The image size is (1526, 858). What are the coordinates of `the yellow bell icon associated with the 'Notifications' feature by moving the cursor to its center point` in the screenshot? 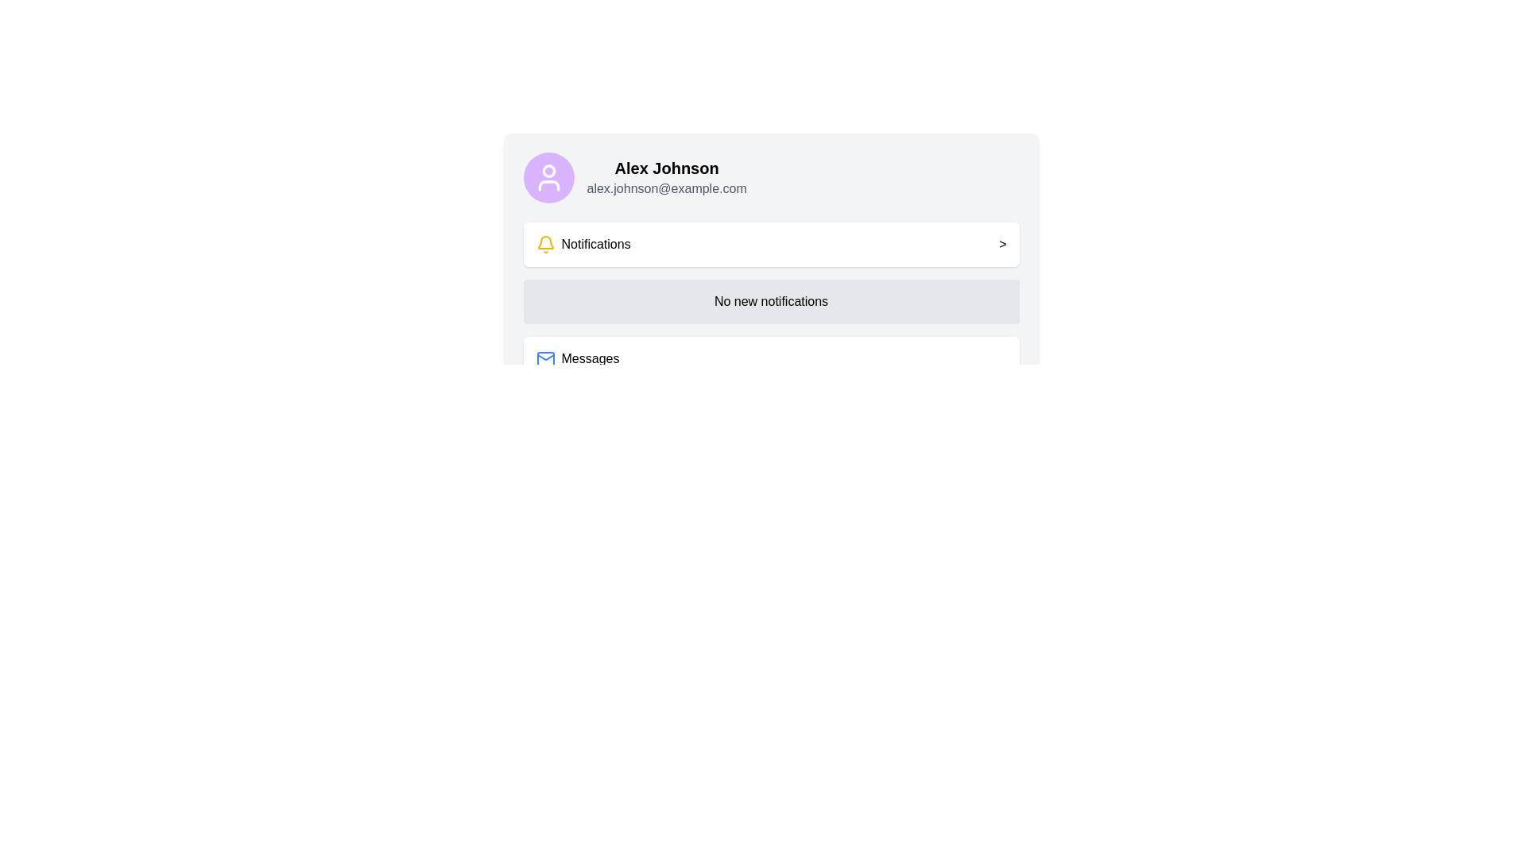 It's located at (545, 245).